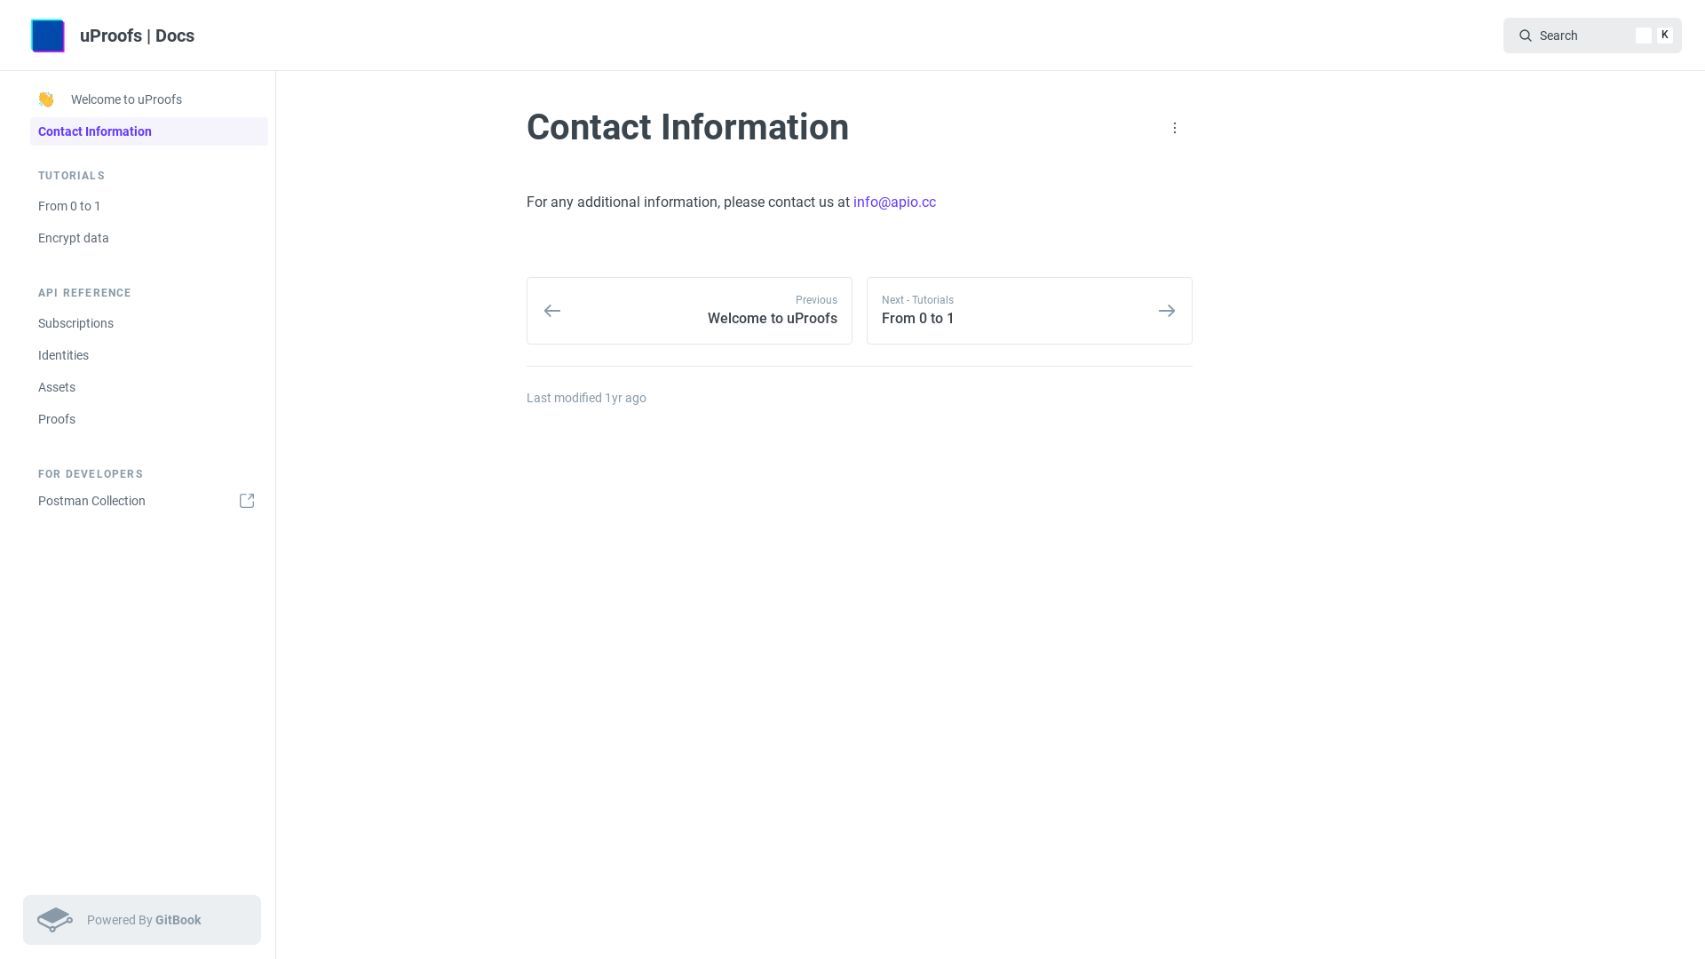 The width and height of the screenshot is (1705, 959). Describe the element at coordinates (149, 385) in the screenshot. I see `'Assets'` at that location.